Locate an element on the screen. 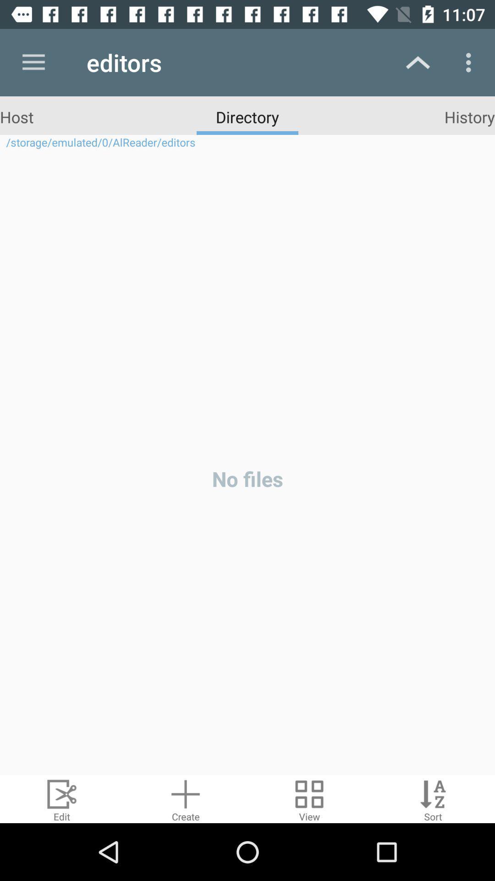 Image resolution: width=495 pixels, height=881 pixels. file is located at coordinates (186, 798).